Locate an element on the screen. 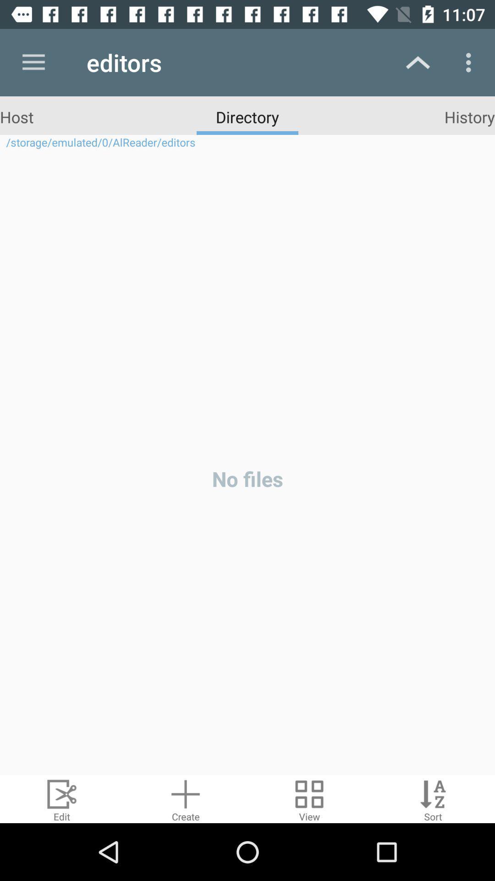 Image resolution: width=495 pixels, height=881 pixels. file is located at coordinates (186, 798).